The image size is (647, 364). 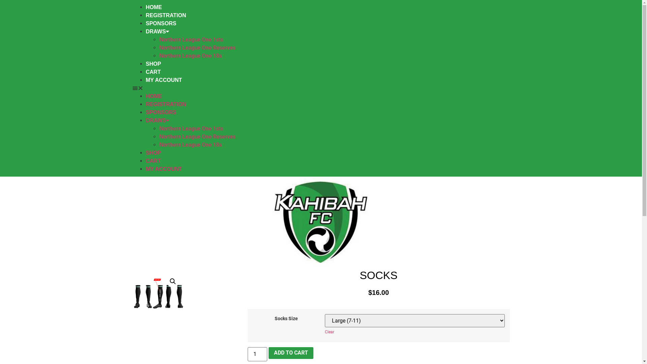 What do you see at coordinates (190, 128) in the screenshot?
I see `'Northern League One 1sts'` at bounding box center [190, 128].